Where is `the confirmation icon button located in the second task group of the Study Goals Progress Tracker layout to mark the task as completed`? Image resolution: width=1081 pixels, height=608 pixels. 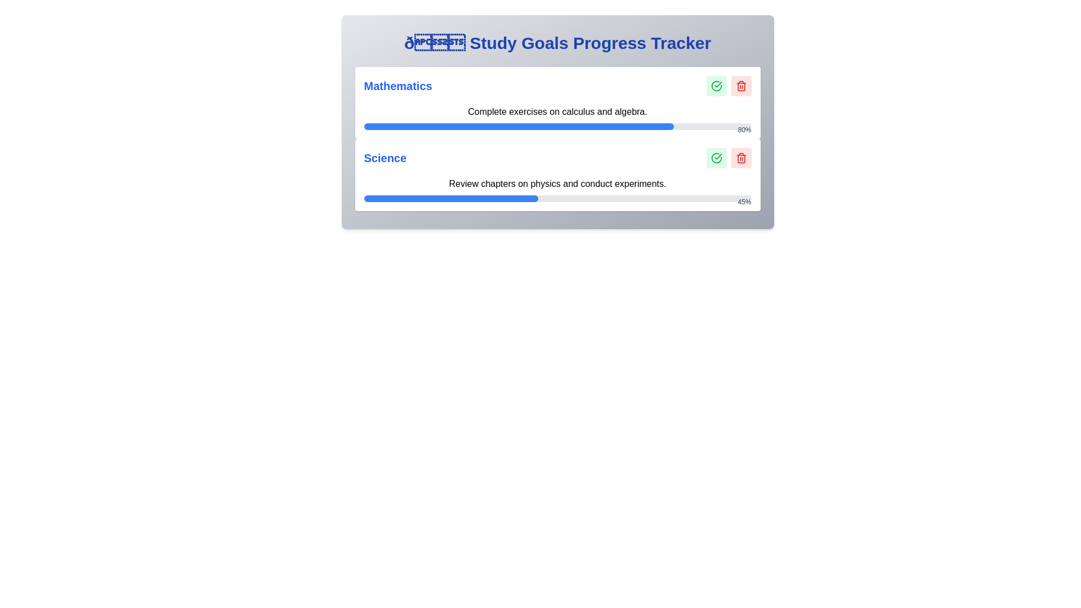
the confirmation icon button located in the second task group of the Study Goals Progress Tracker layout to mark the task as completed is located at coordinates (716, 158).